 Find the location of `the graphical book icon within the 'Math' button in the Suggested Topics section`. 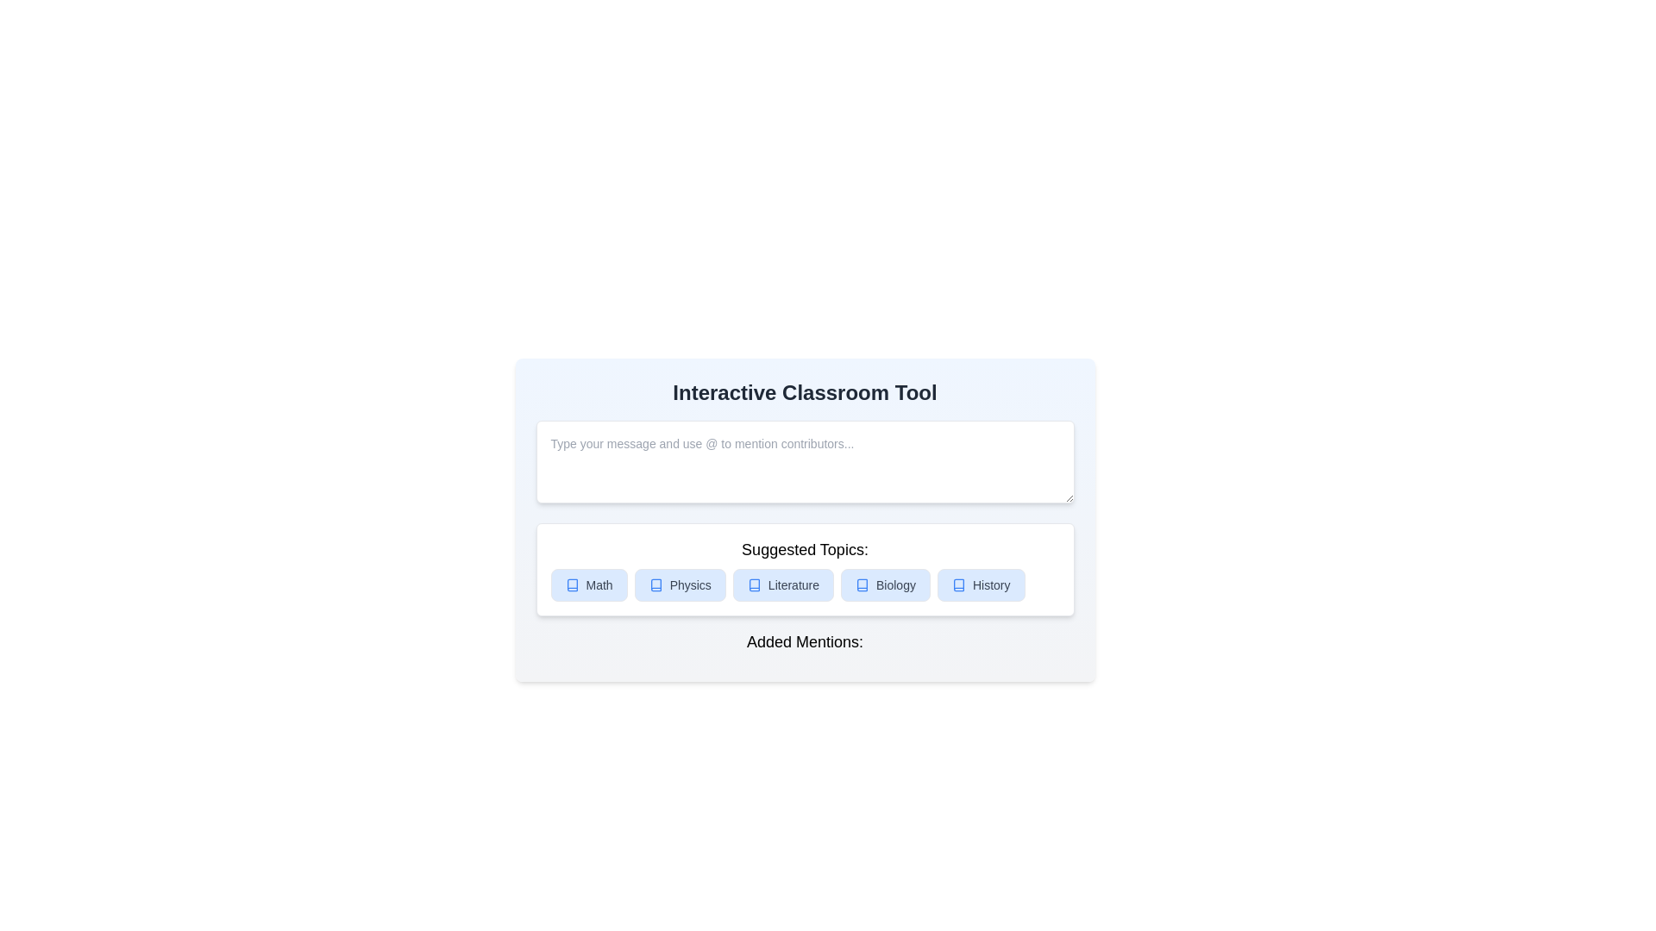

the graphical book icon within the 'Math' button in the Suggested Topics section is located at coordinates (572, 584).